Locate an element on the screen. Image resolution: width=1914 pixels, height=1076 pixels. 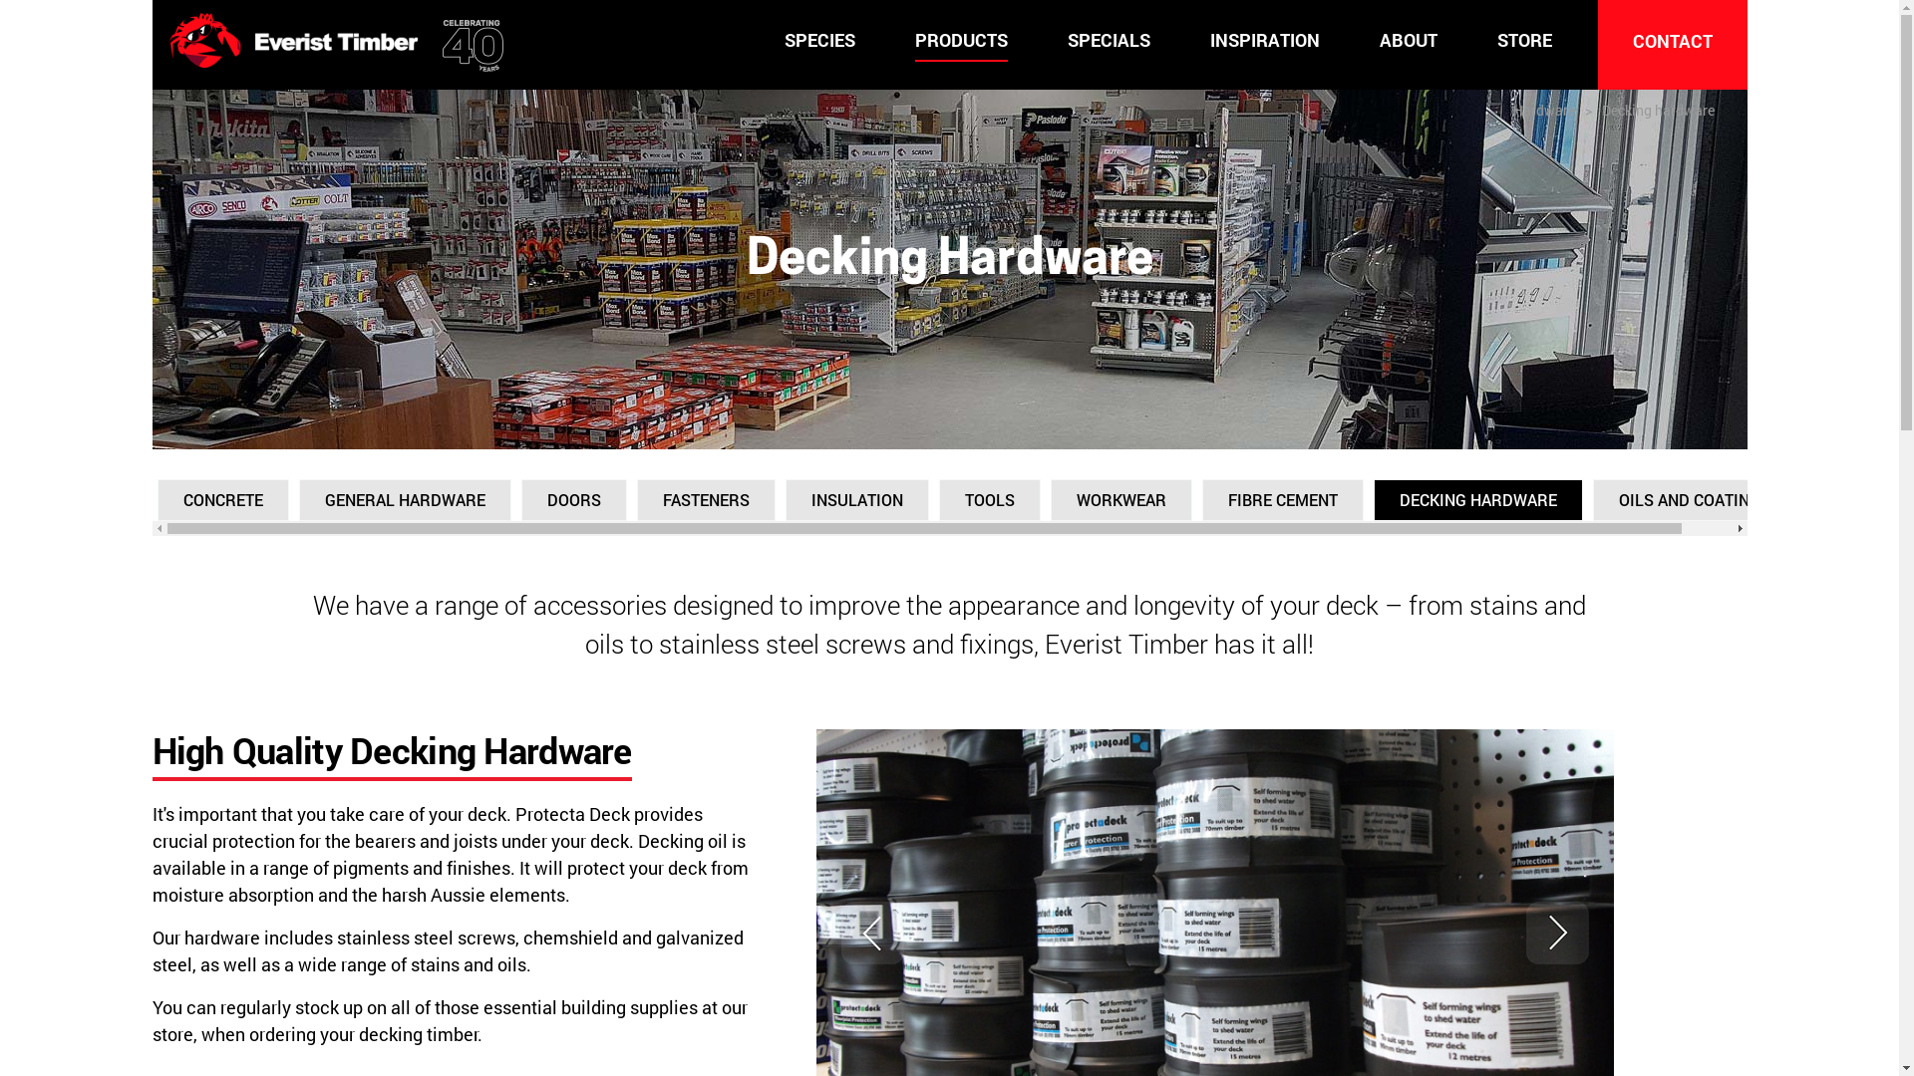
'PRODUCTS' is located at coordinates (913, 41).